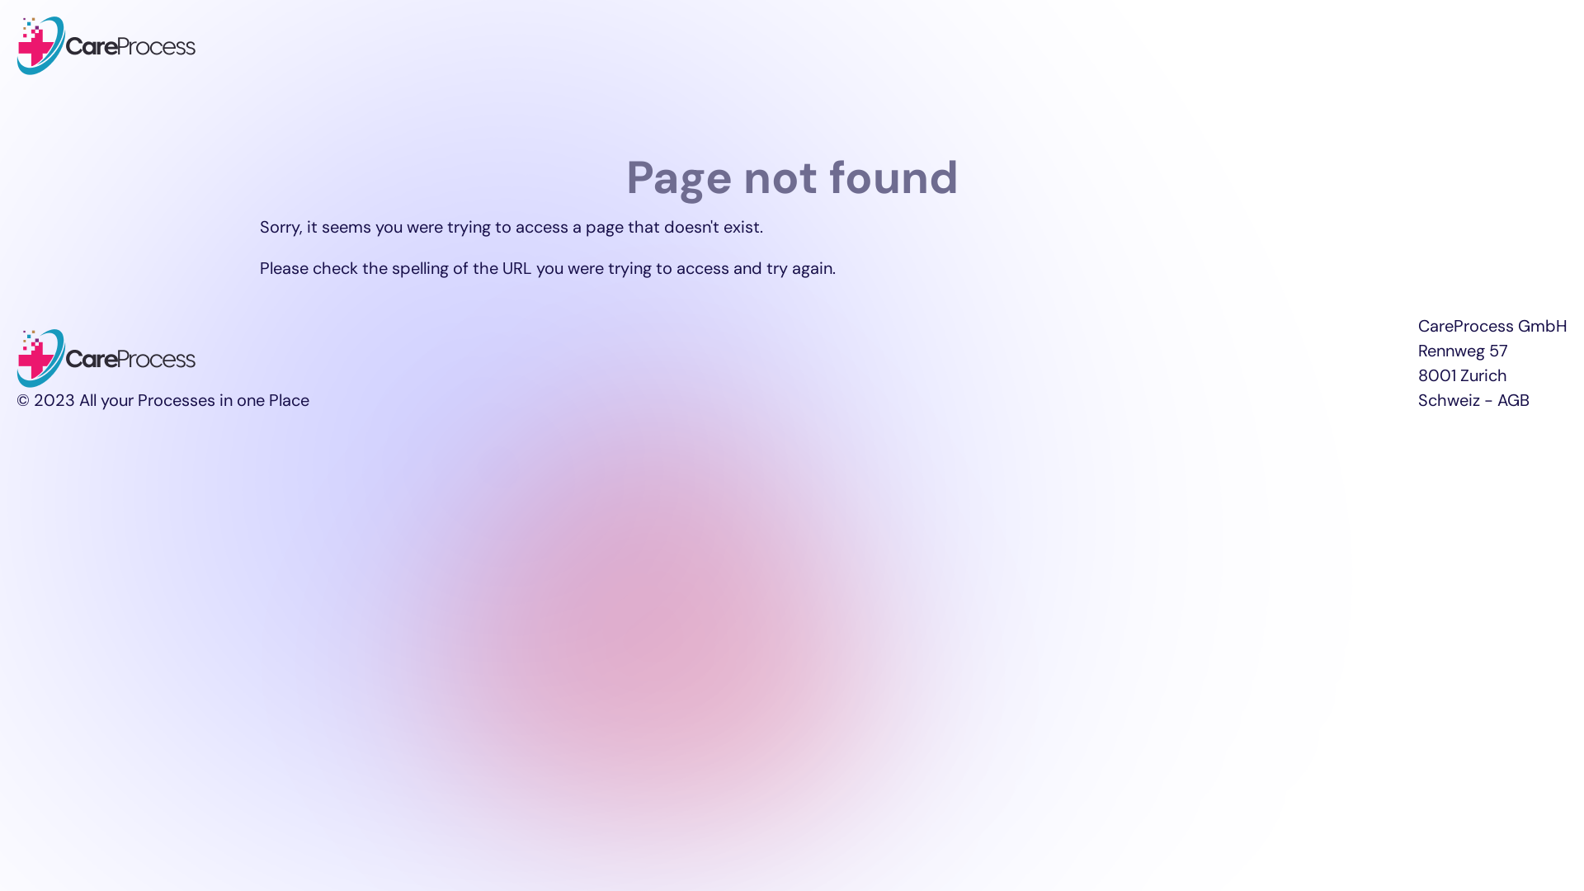  What do you see at coordinates (1497, 400) in the screenshot?
I see `'AGB'` at bounding box center [1497, 400].